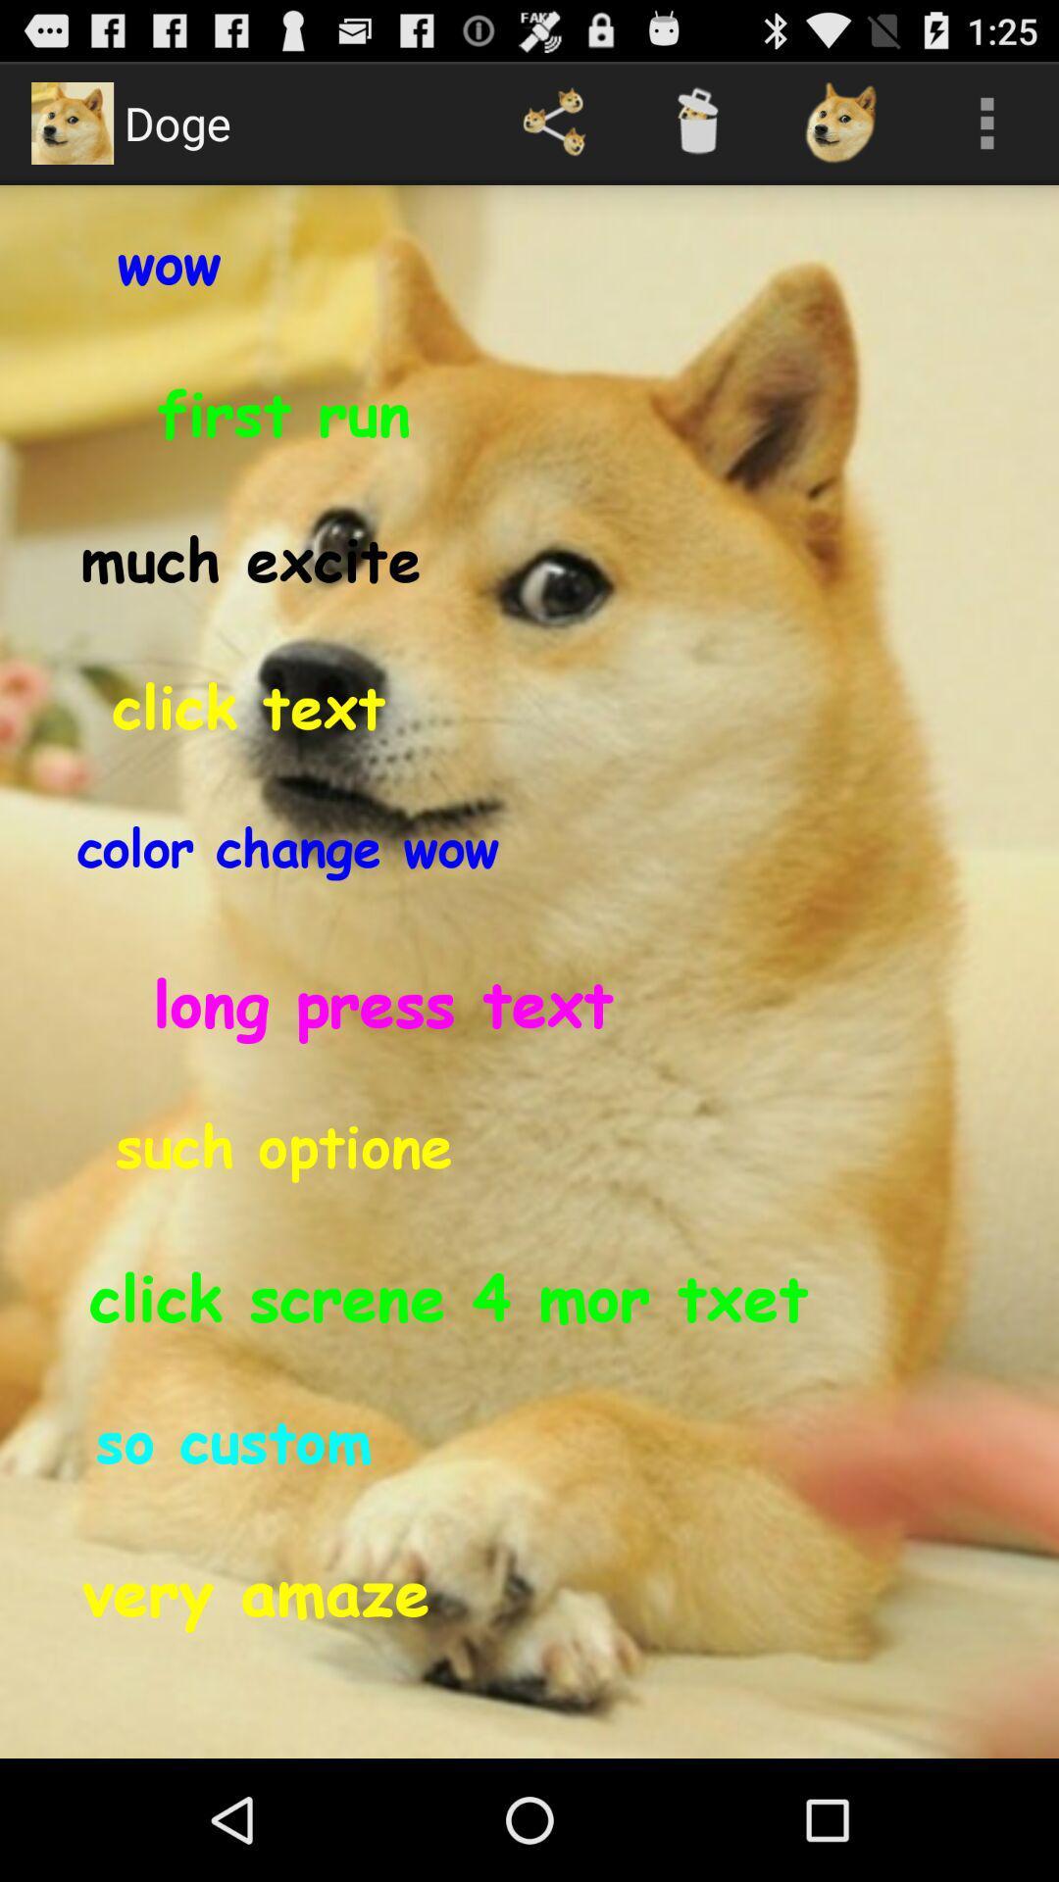 The image size is (1059, 1882). What do you see at coordinates (554, 122) in the screenshot?
I see `item to the right of the doge item` at bounding box center [554, 122].